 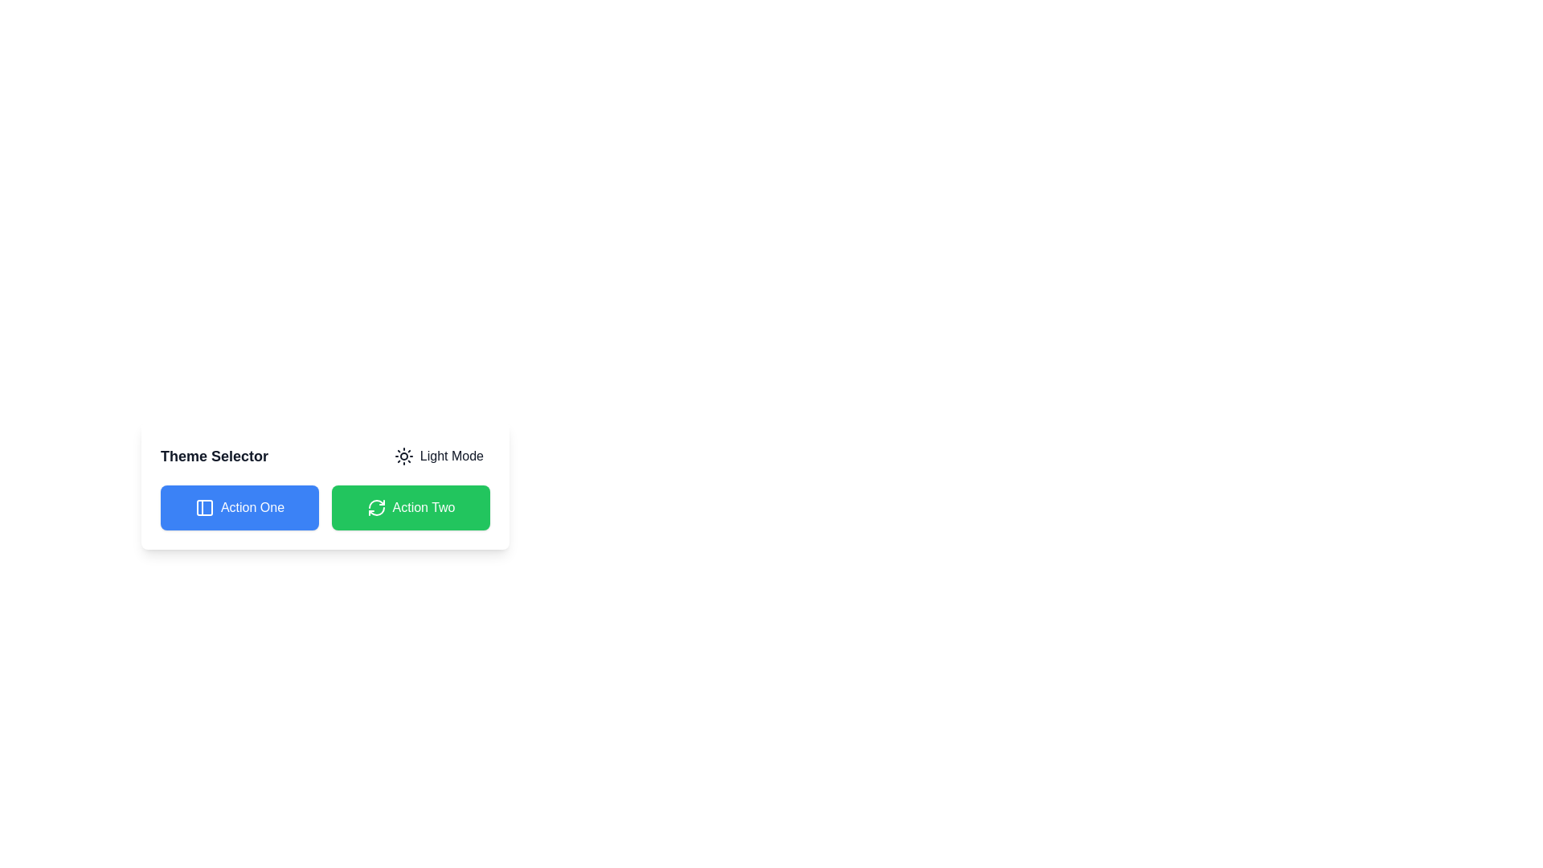 What do you see at coordinates (375, 508) in the screenshot?
I see `the refresh icon located near the center-left of the green 'Action Two' button` at bounding box center [375, 508].